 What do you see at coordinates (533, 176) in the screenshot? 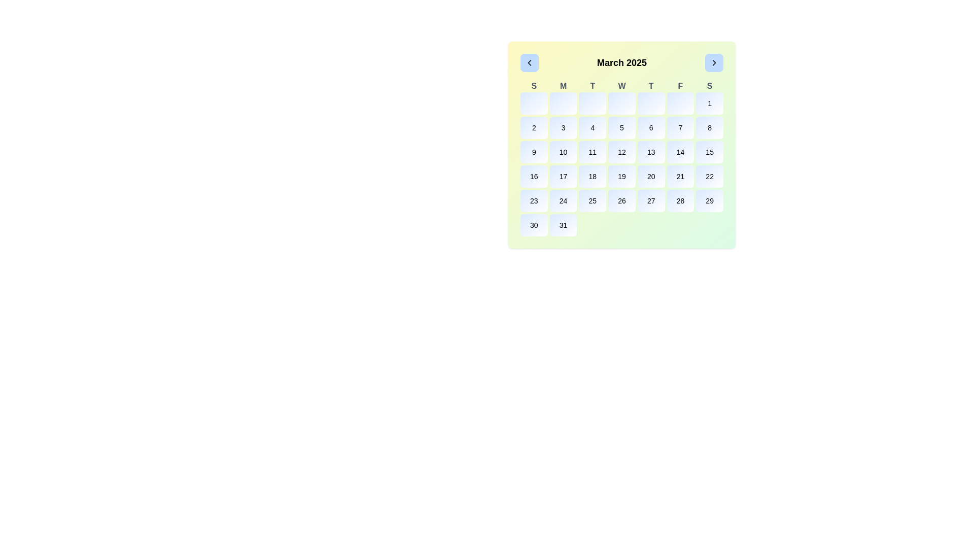
I see `the button with the text '16' in the 4th row and 1st column of the calendar grid` at bounding box center [533, 176].